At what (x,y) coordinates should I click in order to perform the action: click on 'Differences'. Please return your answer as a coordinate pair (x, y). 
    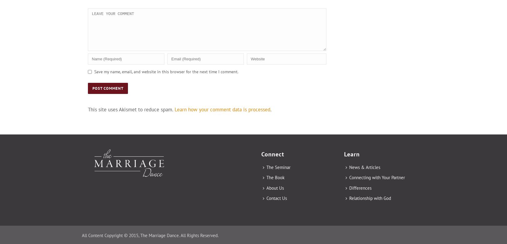
    Looking at the image, I should click on (360, 188).